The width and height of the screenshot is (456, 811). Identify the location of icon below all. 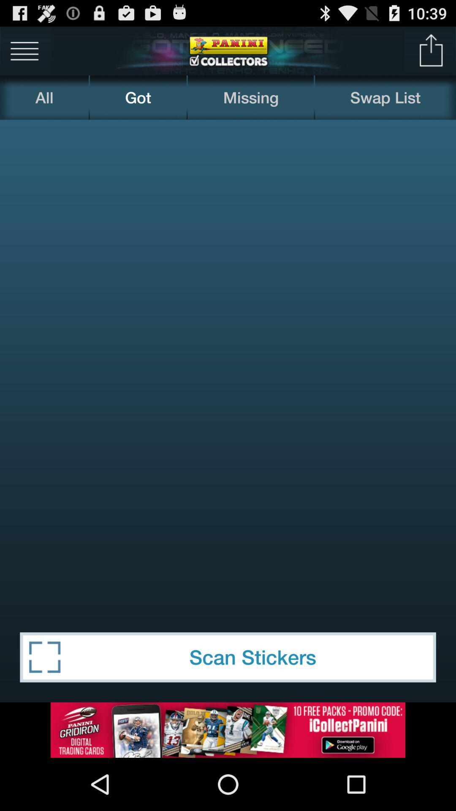
(228, 366).